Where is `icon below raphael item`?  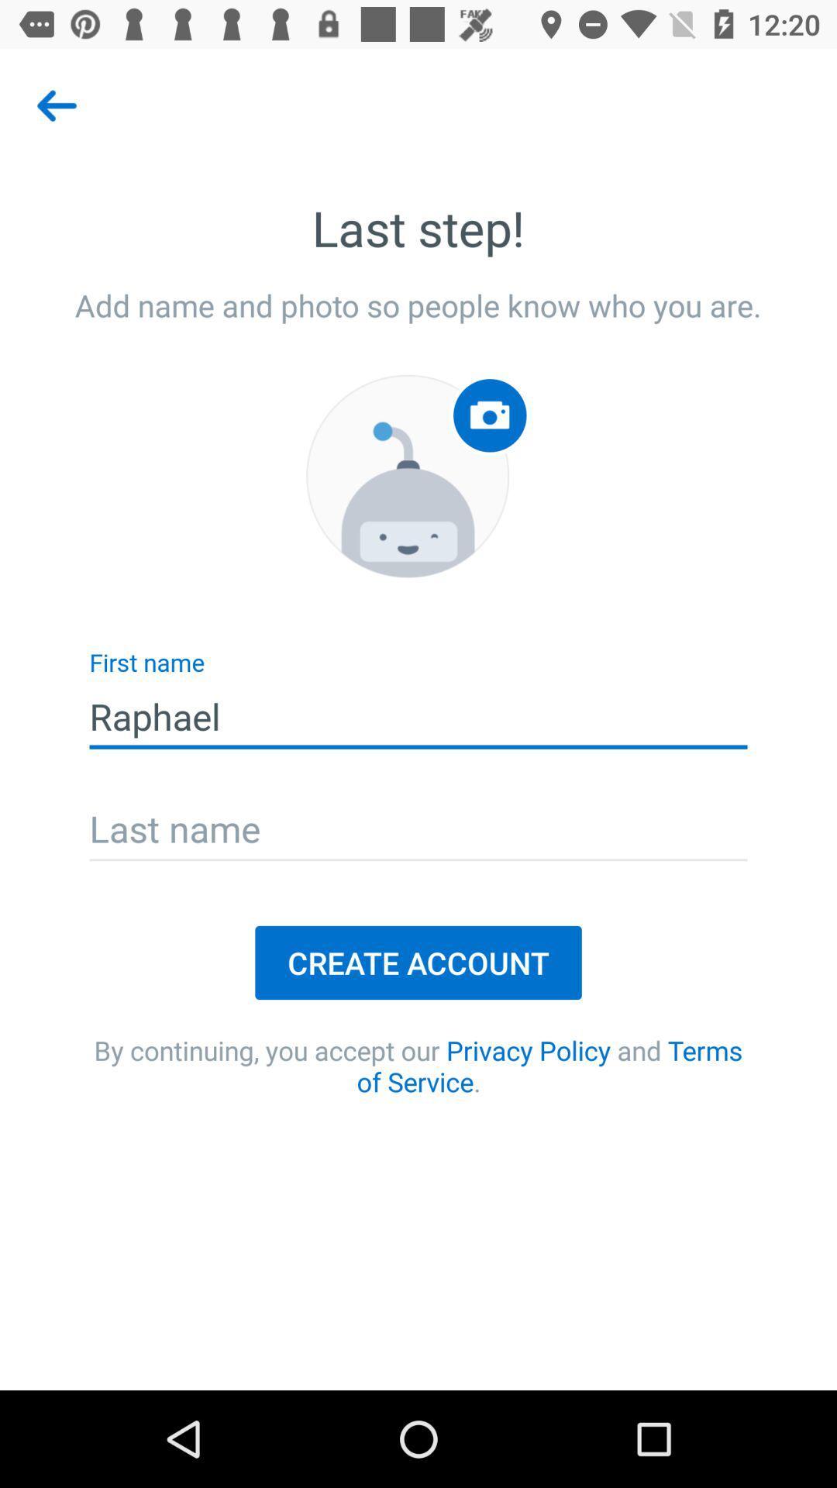
icon below raphael item is located at coordinates (418, 830).